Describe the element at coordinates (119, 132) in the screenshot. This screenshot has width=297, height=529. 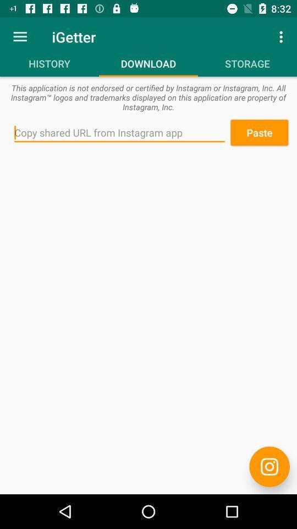
I see `icon below the this application is icon` at that location.